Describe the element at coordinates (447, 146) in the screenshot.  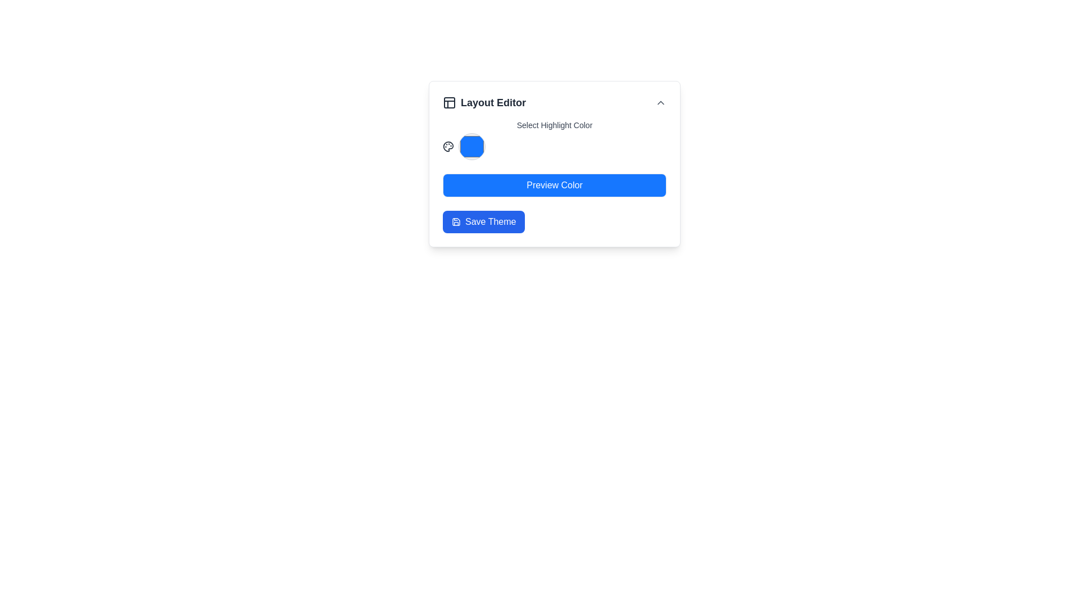
I see `the artist's palette icon located in the 'Layout Editor' panel, positioned before the color selection circle and to the left of the 'Preview Color' button` at that location.